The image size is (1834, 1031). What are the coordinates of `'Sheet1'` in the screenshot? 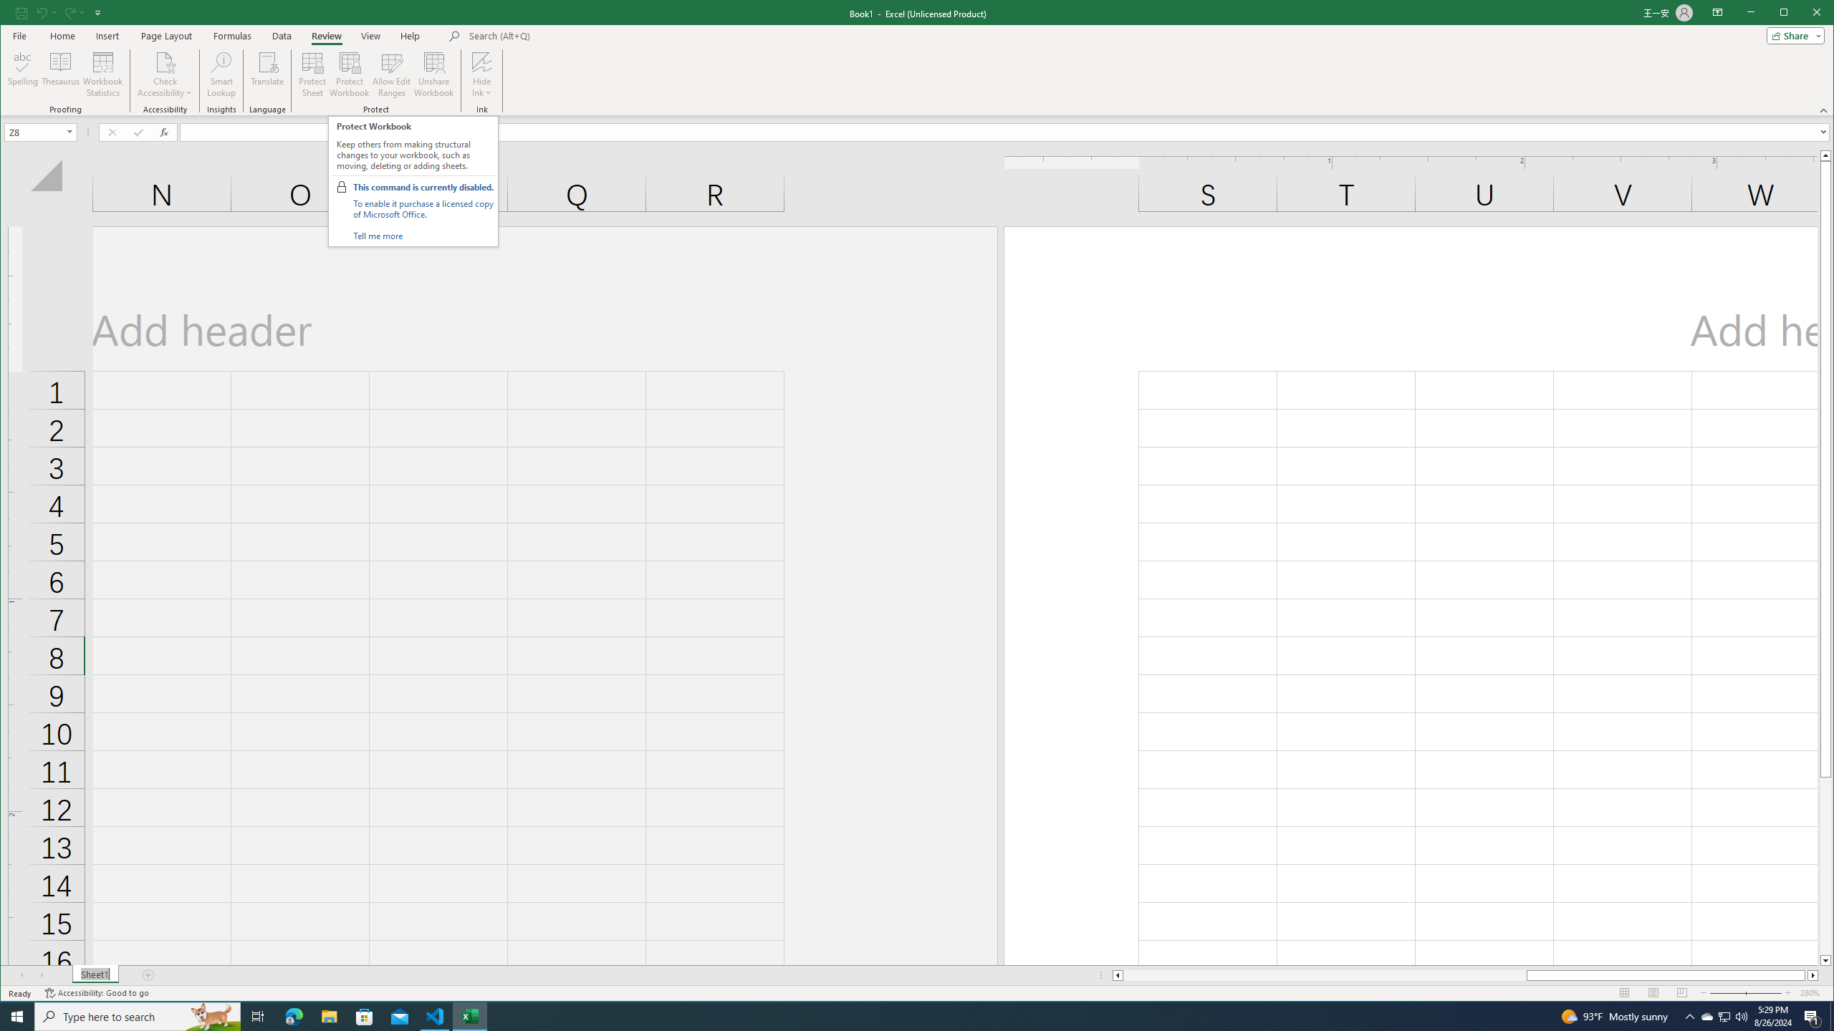 It's located at (95, 975).